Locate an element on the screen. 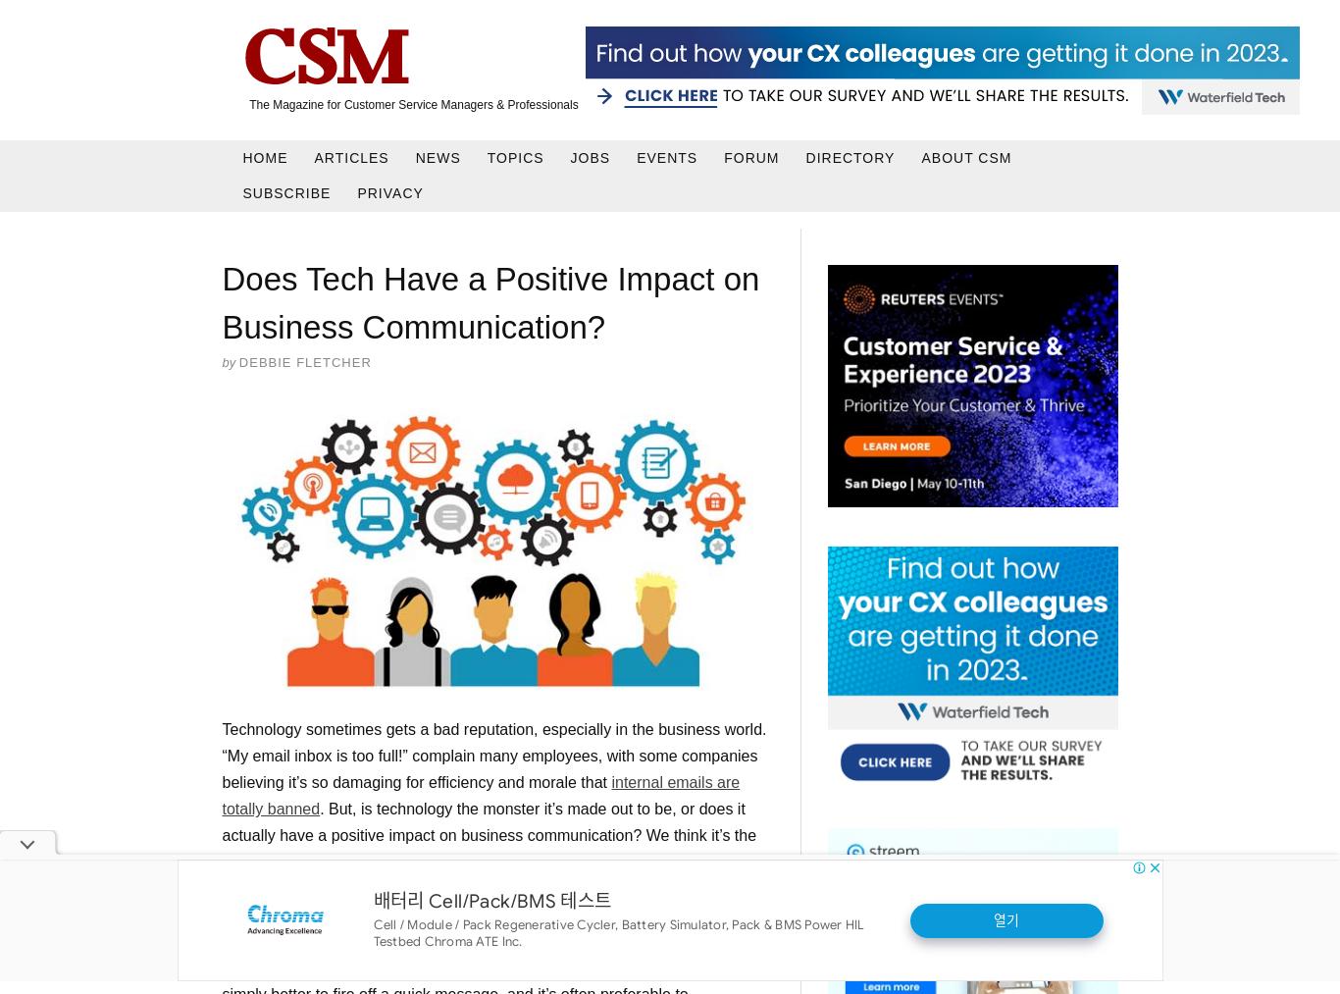  'News' is located at coordinates (436, 156).